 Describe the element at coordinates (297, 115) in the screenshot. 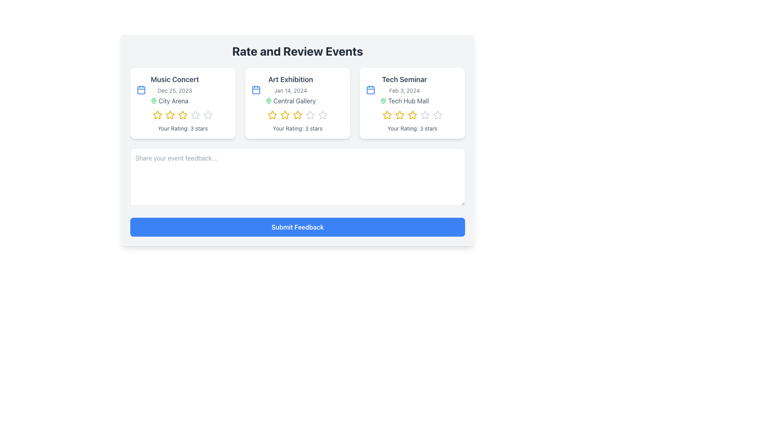

I see `the third star icon in the rating component under 'Your Rating: 3 stars'` at that location.